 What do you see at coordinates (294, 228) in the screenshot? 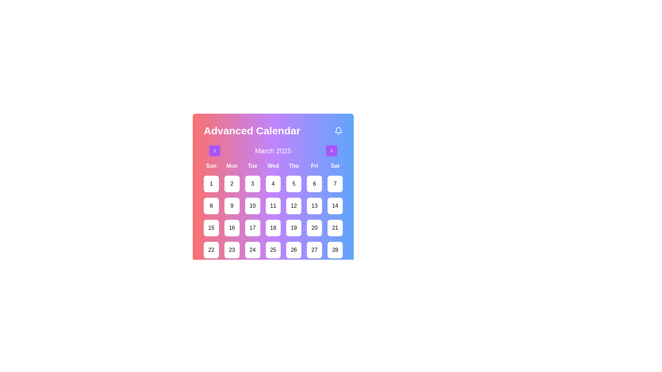
I see `the button displaying the date '19' on the calendar` at bounding box center [294, 228].